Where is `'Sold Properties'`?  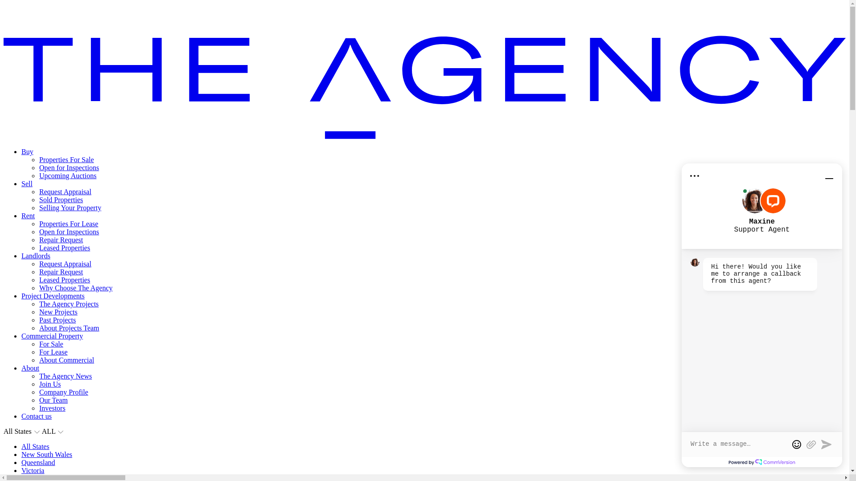 'Sold Properties' is located at coordinates (61, 199).